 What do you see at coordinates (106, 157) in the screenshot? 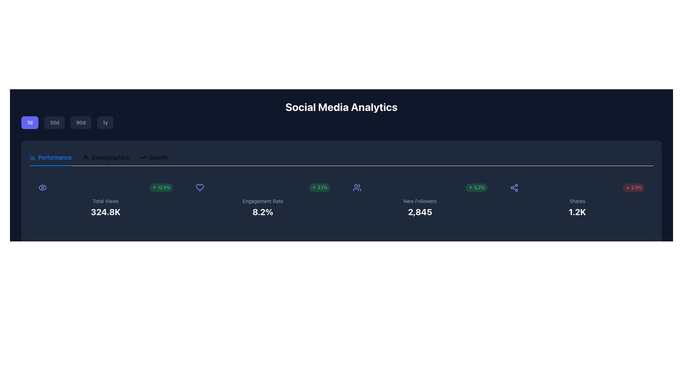
I see `the 'Demographics' tab button` at bounding box center [106, 157].